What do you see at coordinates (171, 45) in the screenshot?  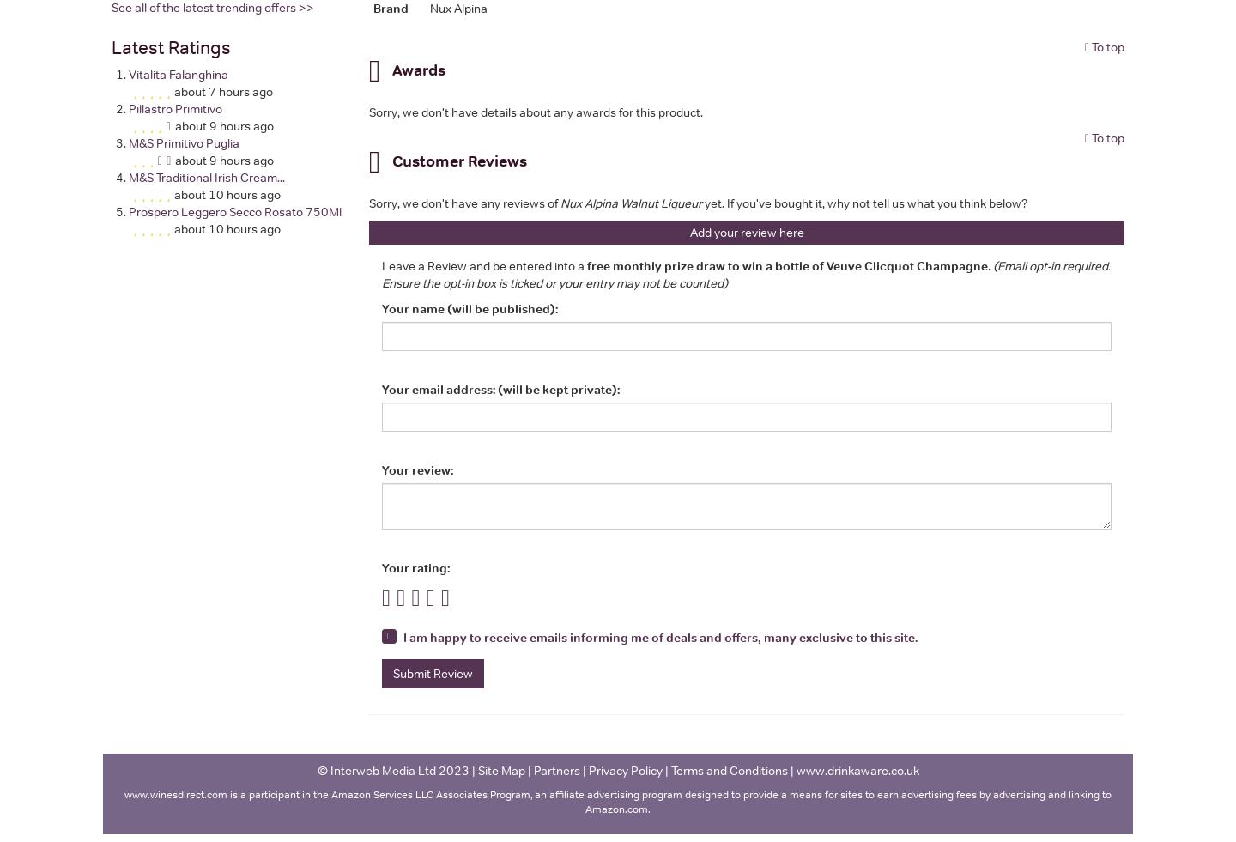 I see `'Latest Ratings'` at bounding box center [171, 45].